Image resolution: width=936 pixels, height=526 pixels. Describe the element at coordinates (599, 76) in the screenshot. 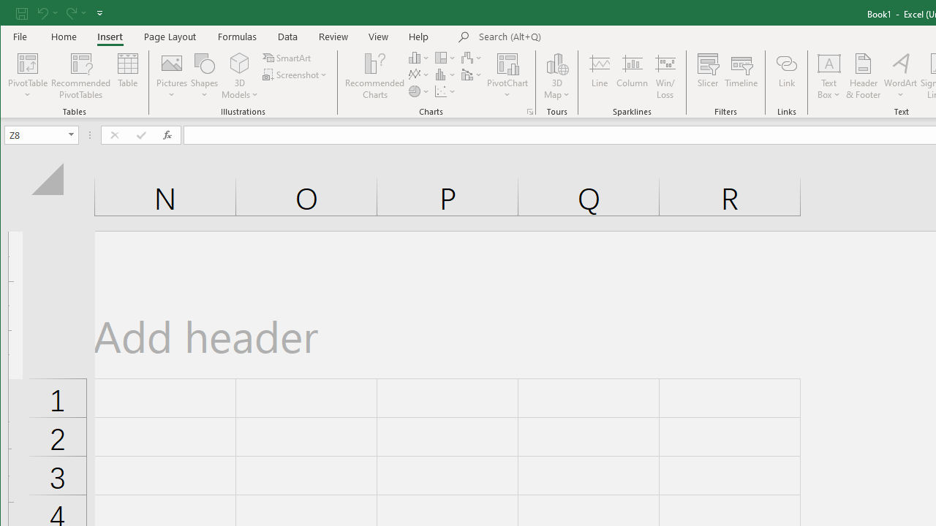

I see `'Line'` at that location.